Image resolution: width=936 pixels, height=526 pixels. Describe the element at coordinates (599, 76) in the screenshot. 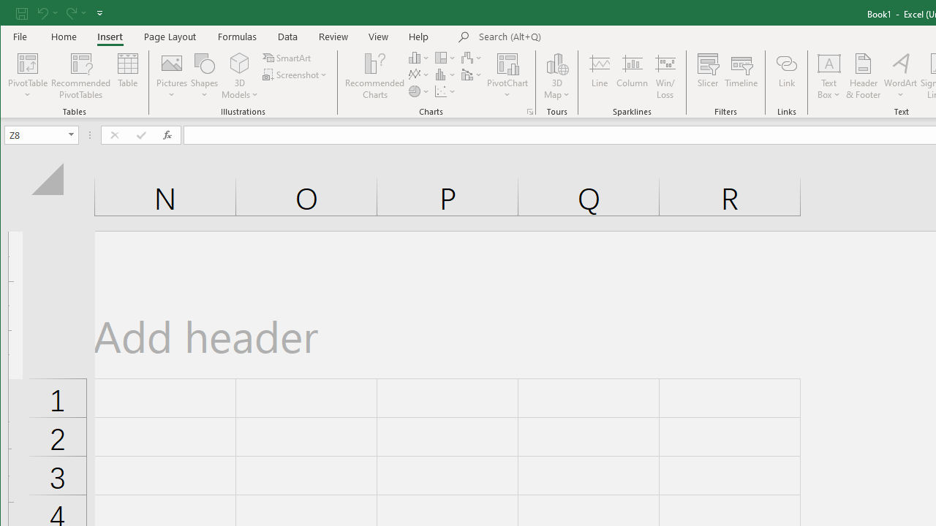

I see `'Line'` at that location.